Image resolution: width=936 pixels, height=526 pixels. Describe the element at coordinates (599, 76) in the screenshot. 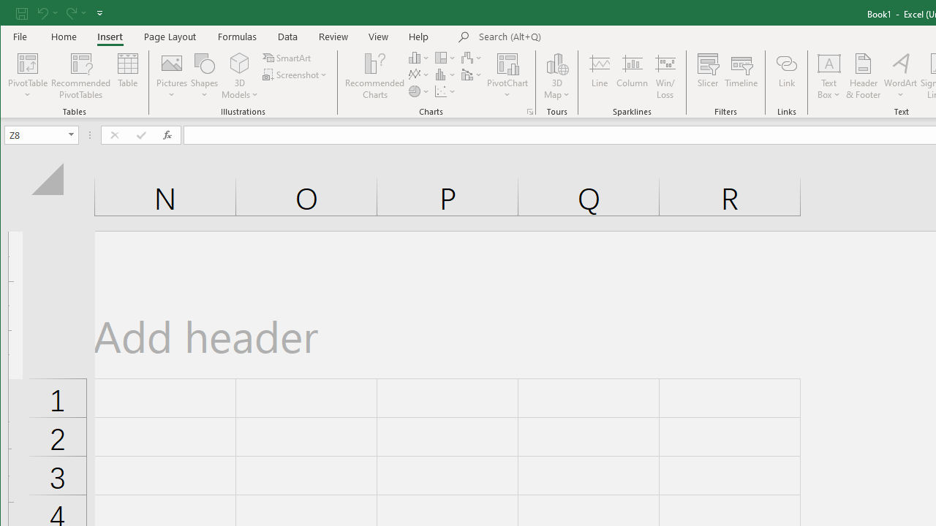

I see `'Line'` at that location.